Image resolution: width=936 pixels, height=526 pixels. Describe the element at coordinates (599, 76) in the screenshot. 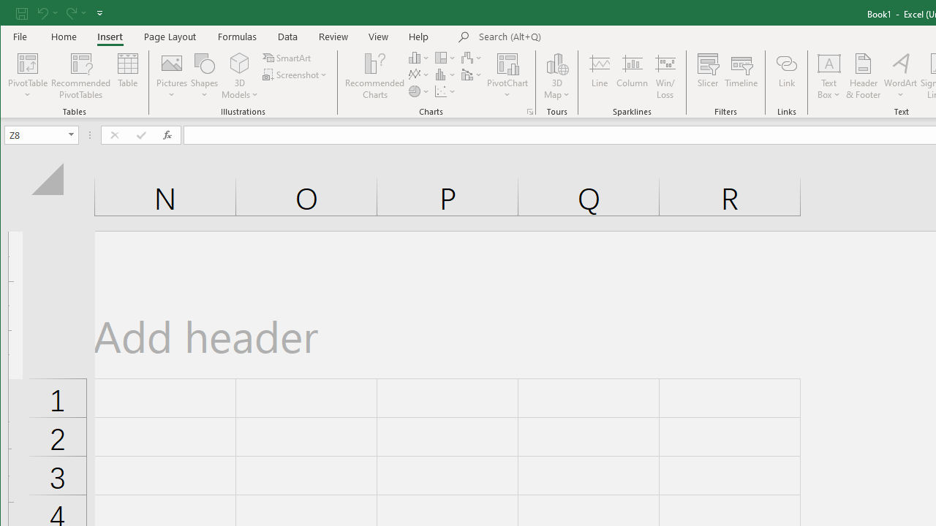

I see `'Line'` at that location.